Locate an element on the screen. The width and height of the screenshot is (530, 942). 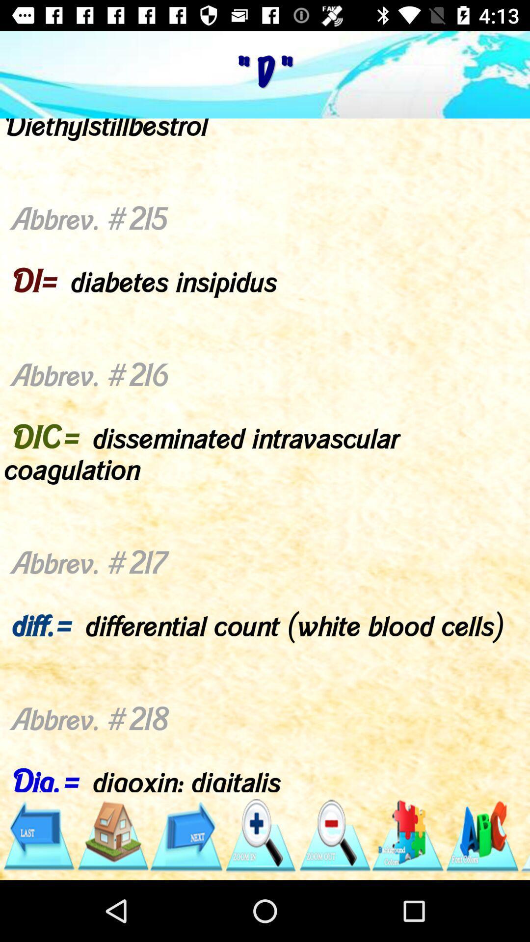
the icon below abbrev 	209	 	d app is located at coordinates (260, 835).